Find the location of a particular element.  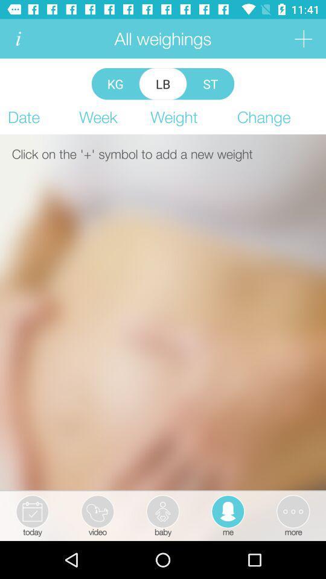

icon next to kg radio button is located at coordinates (163, 83).